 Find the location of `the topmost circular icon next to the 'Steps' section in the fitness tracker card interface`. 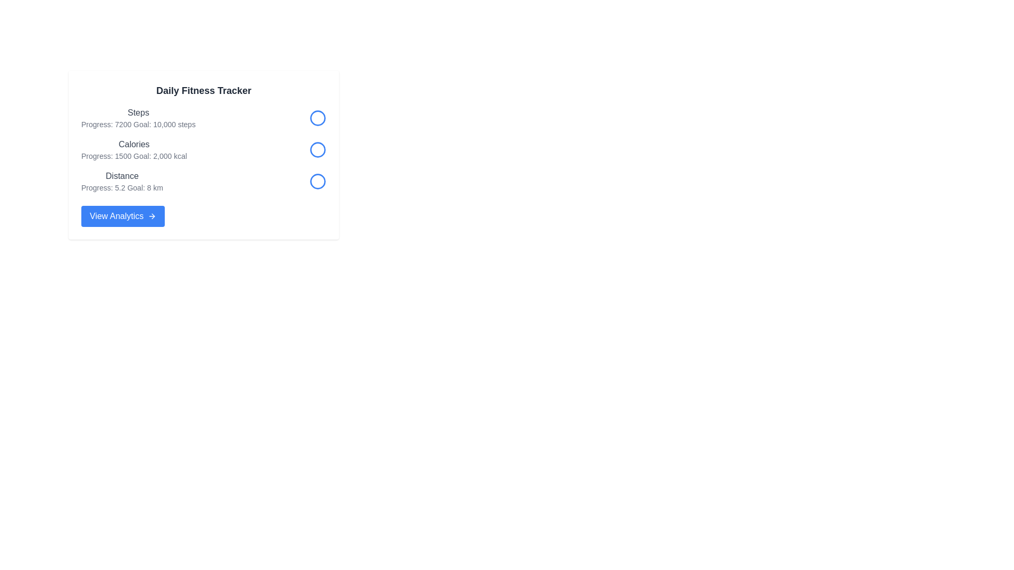

the topmost circular icon next to the 'Steps' section in the fitness tracker card interface is located at coordinates (317, 118).